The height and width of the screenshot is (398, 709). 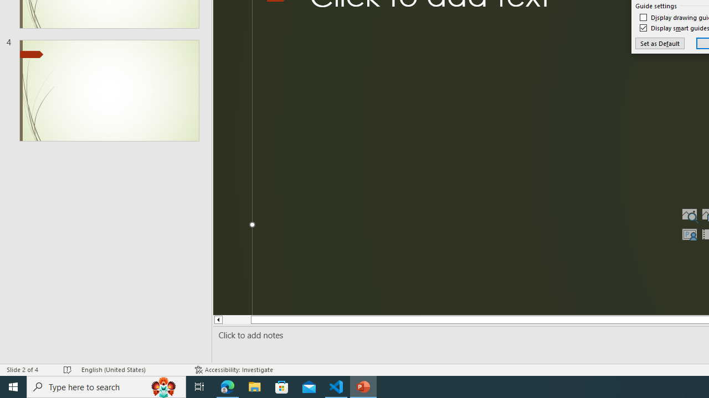 I want to click on 'Microsoft Edge - 1 running window', so click(x=227, y=386).